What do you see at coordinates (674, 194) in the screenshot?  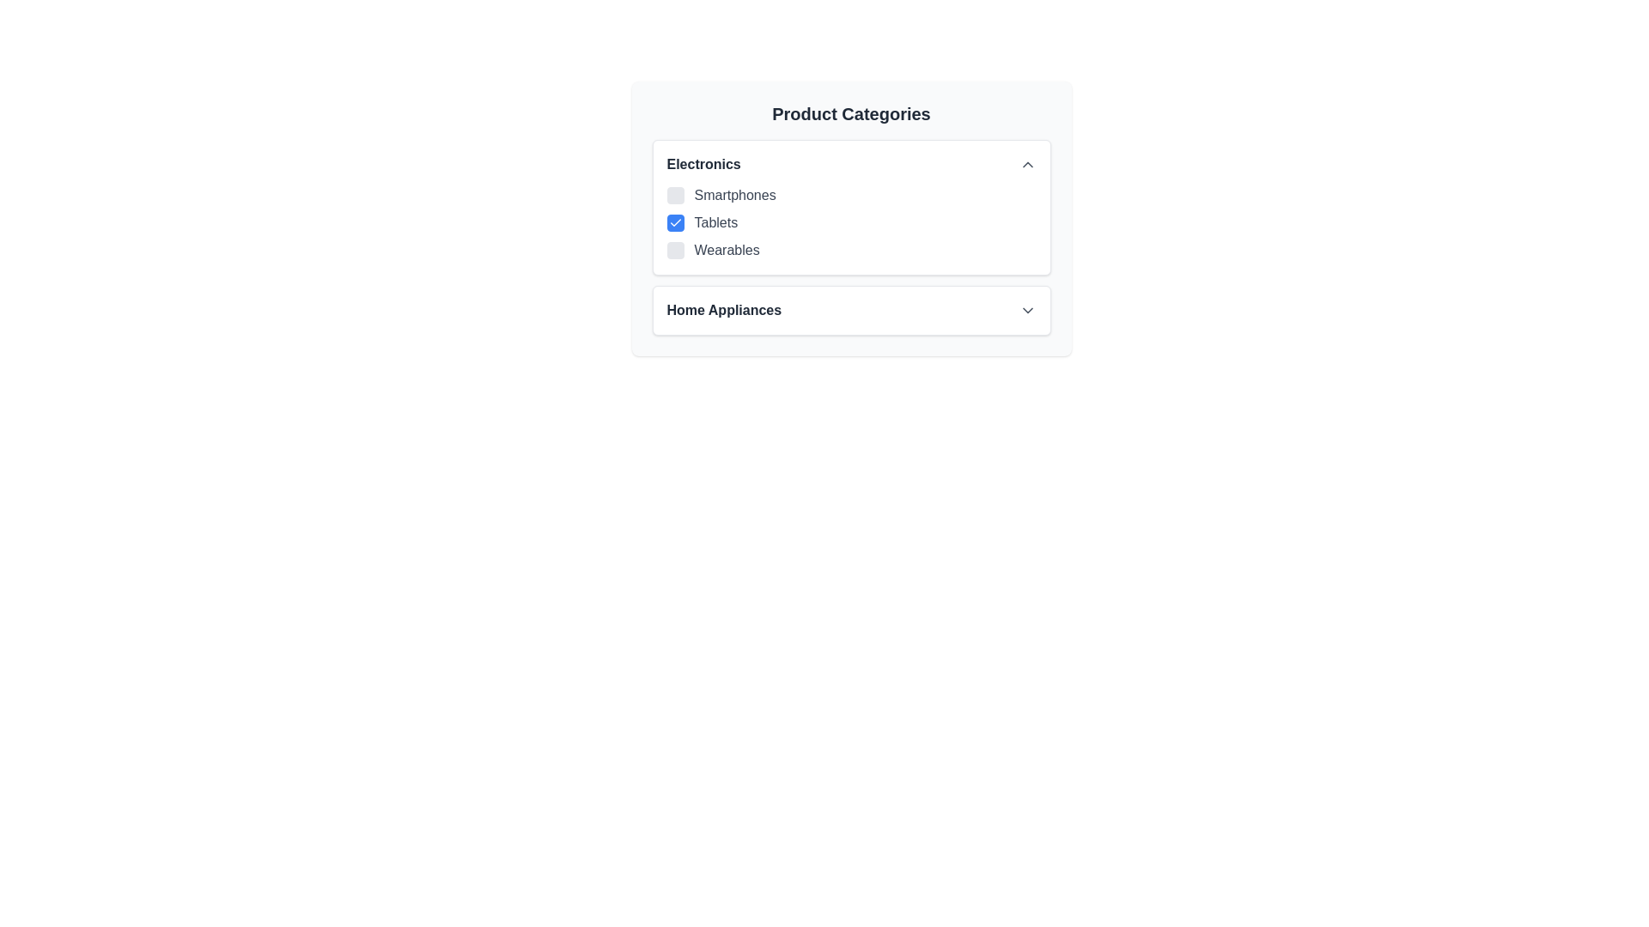 I see `the checkbox for the 'Smartphones' option in the 'Electronics' category` at bounding box center [674, 194].